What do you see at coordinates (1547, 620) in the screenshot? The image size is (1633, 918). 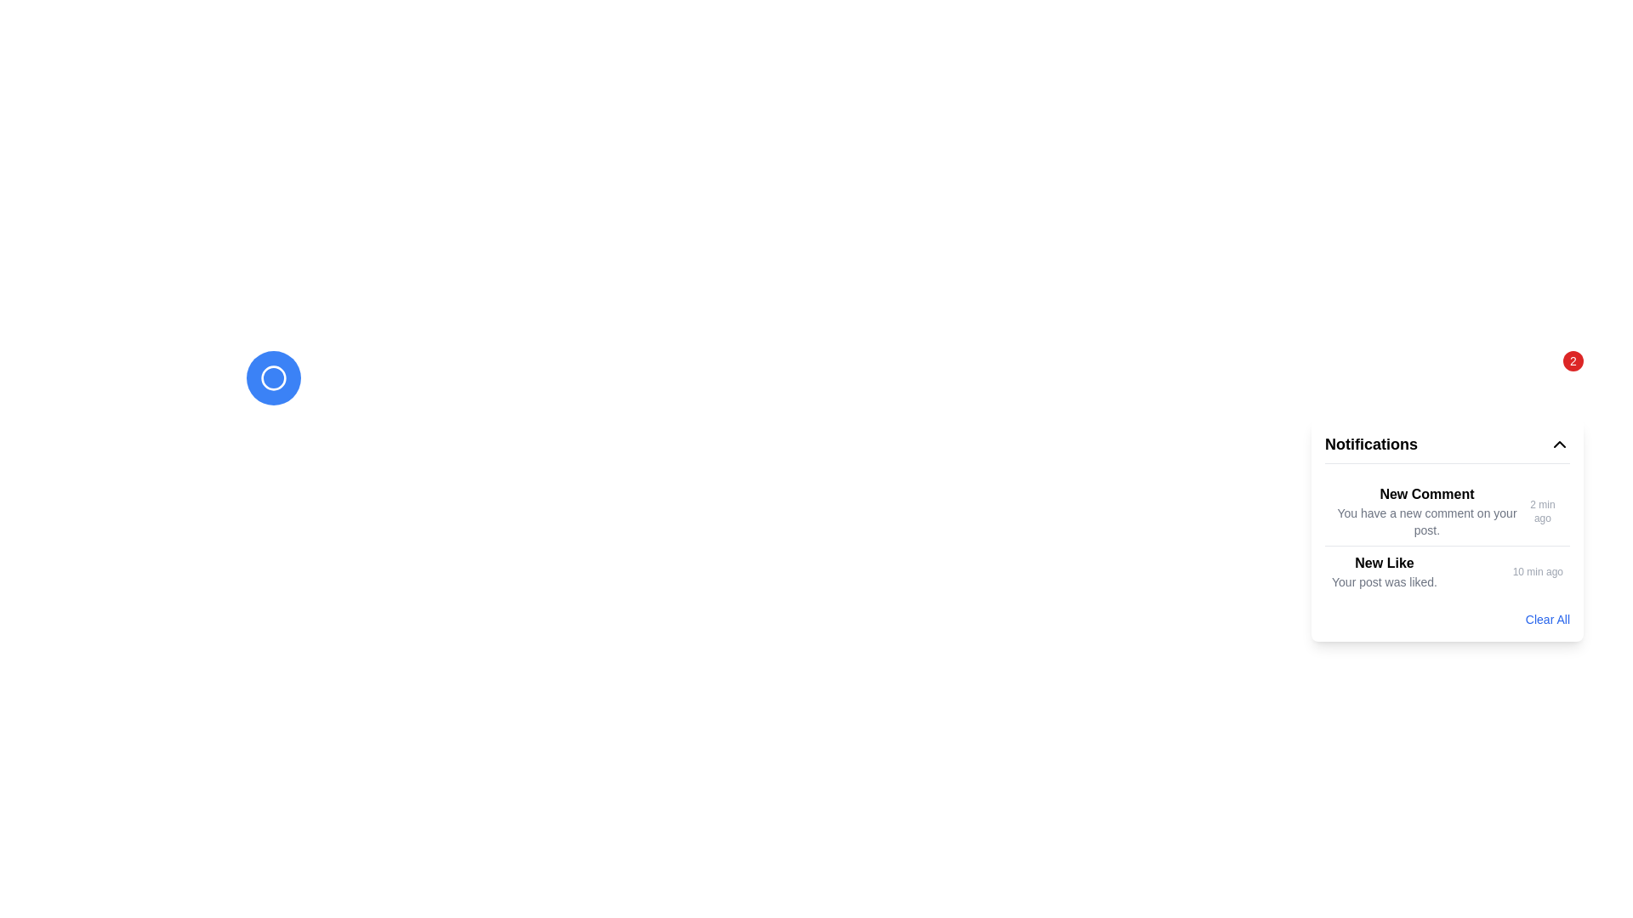 I see `the 'Clear All' text link at the bottom-right of the notifications panel to clear all notifications` at bounding box center [1547, 620].